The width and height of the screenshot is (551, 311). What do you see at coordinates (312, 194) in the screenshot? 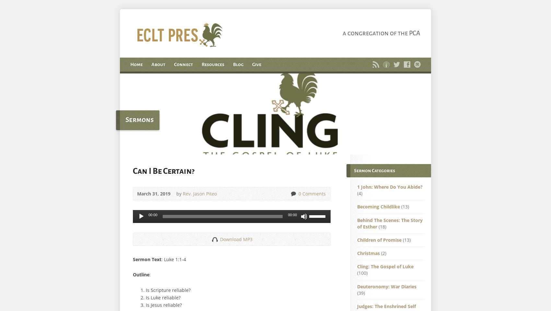
I see `'0 Comments'` at bounding box center [312, 194].